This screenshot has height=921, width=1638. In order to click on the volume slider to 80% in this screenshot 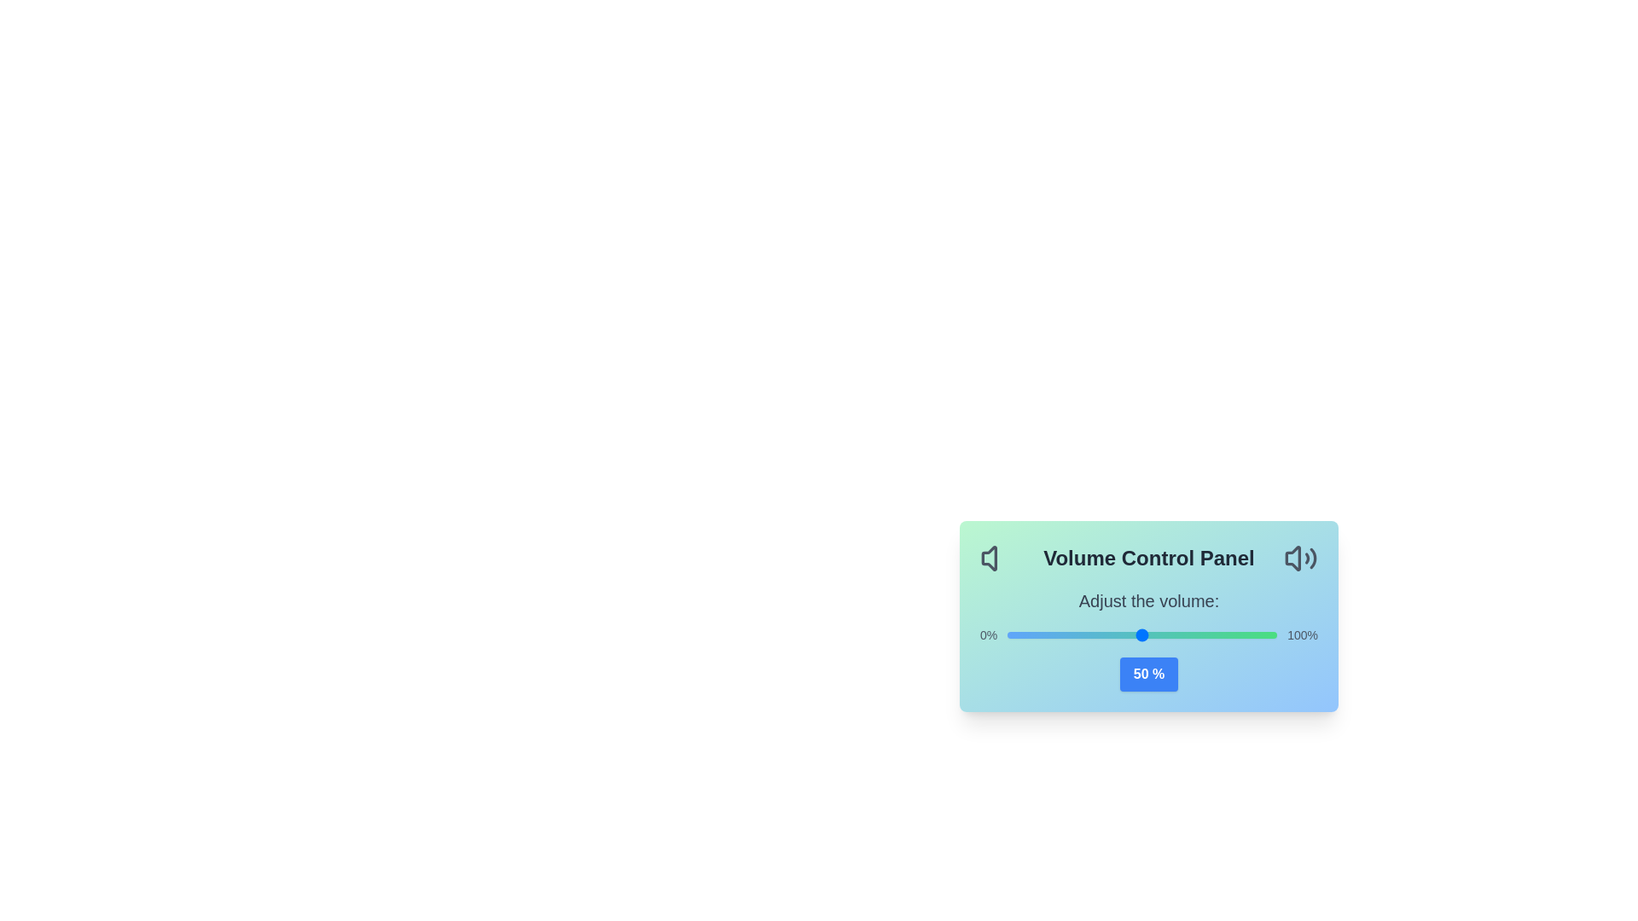, I will do `click(1223, 634)`.